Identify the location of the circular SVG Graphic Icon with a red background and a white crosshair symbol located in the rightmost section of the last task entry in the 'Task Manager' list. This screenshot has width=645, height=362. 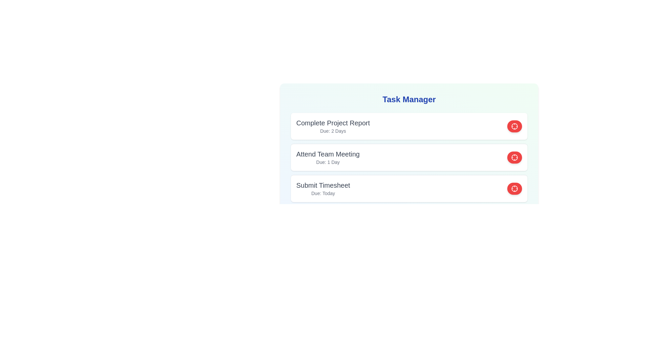
(514, 126).